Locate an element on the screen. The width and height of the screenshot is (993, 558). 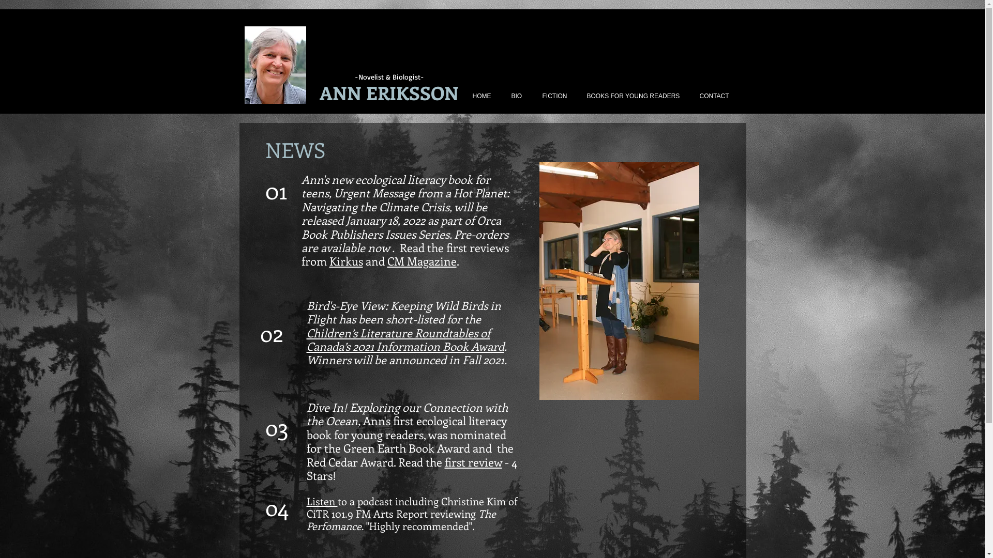
'first review' is located at coordinates (473, 461).